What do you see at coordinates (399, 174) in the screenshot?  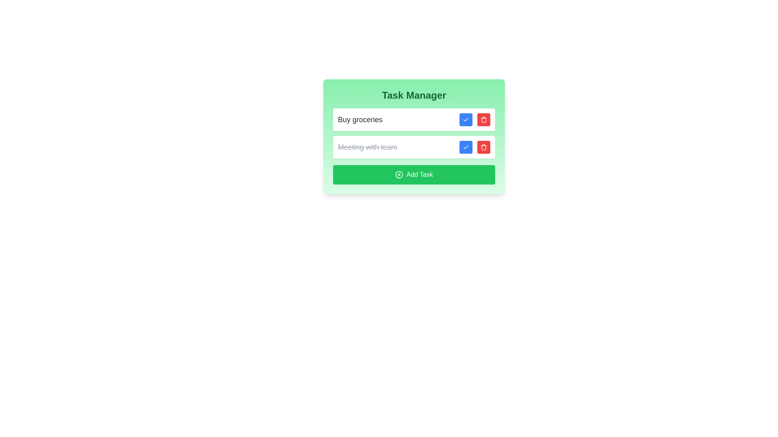 I see `the icon that visually represents the functionality to add a task, which is located to the left of the 'Add Task' button in the task management interface` at bounding box center [399, 174].